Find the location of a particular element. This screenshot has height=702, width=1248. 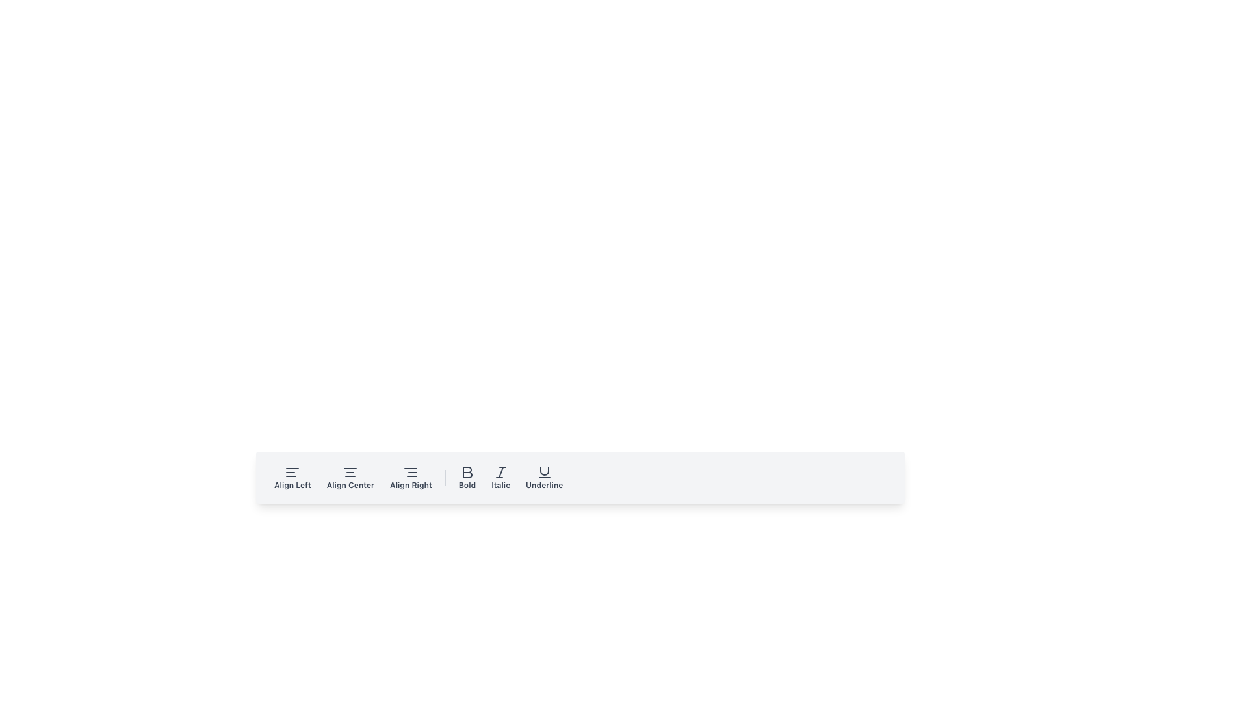

the 'Align Left' button, which features an icon for left-aligned text and the label 'Align Left' below it is located at coordinates (292, 478).